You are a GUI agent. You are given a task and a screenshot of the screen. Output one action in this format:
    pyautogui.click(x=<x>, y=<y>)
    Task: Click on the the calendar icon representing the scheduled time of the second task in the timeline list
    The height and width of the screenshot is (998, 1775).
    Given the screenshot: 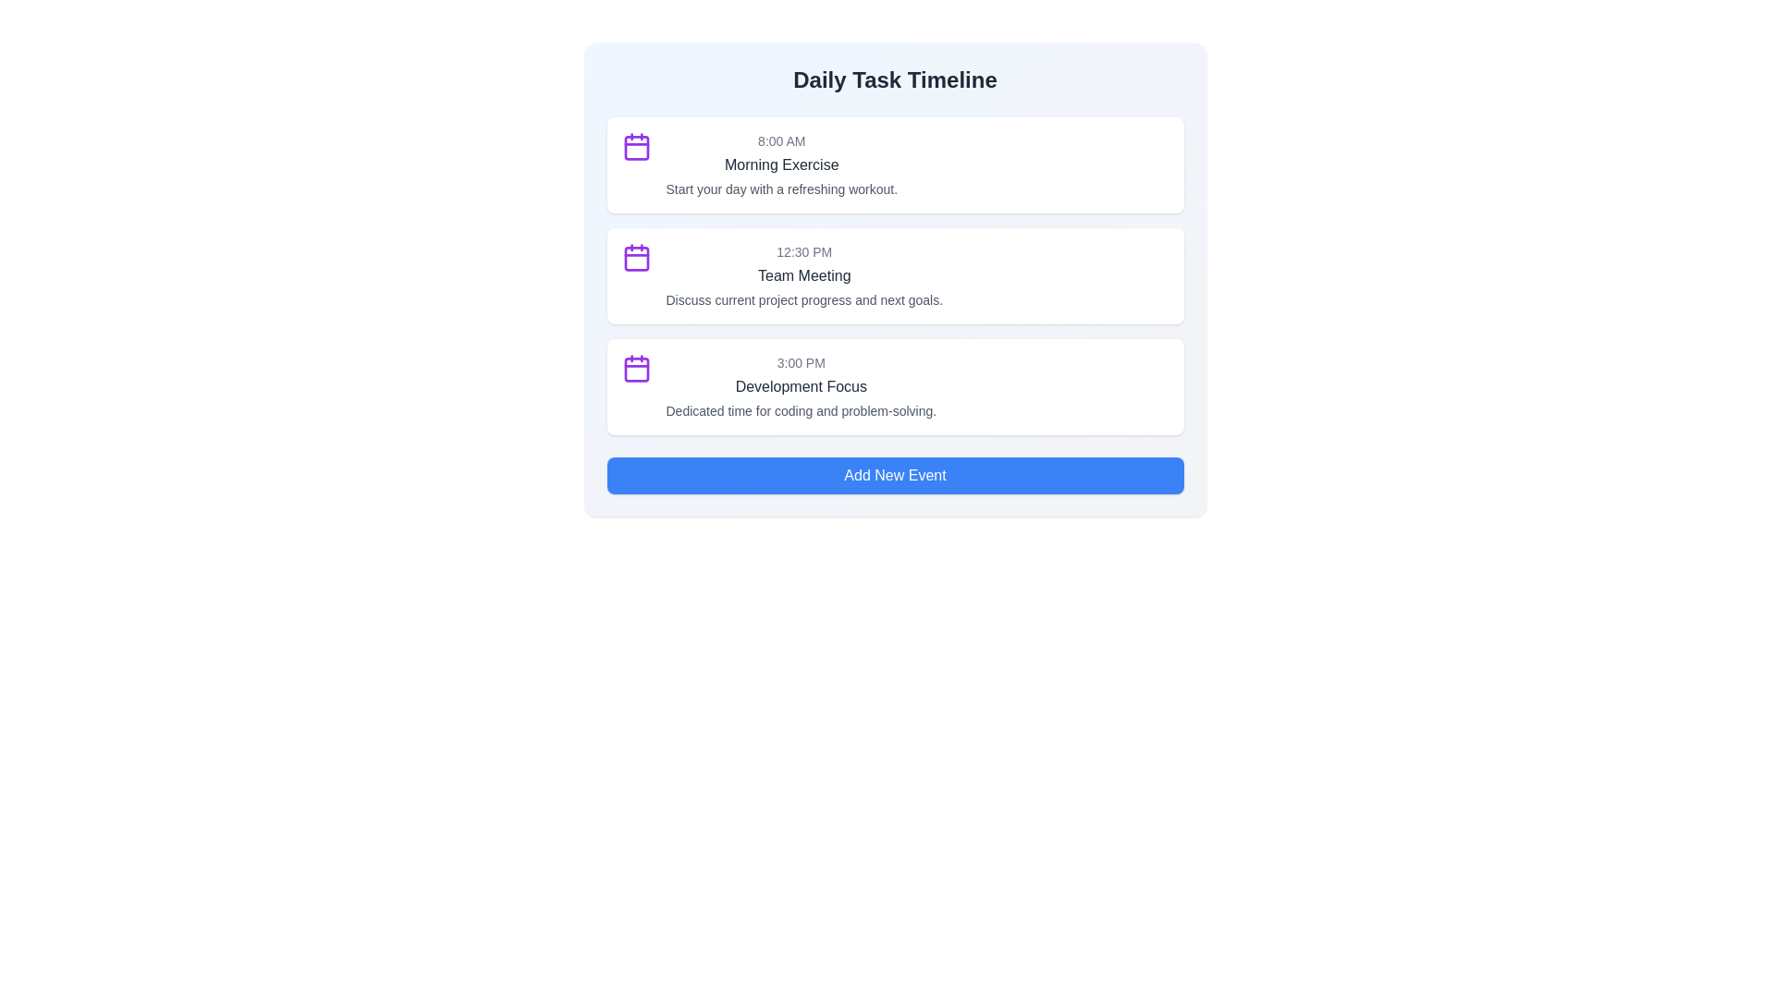 What is the action you would take?
    pyautogui.click(x=636, y=259)
    